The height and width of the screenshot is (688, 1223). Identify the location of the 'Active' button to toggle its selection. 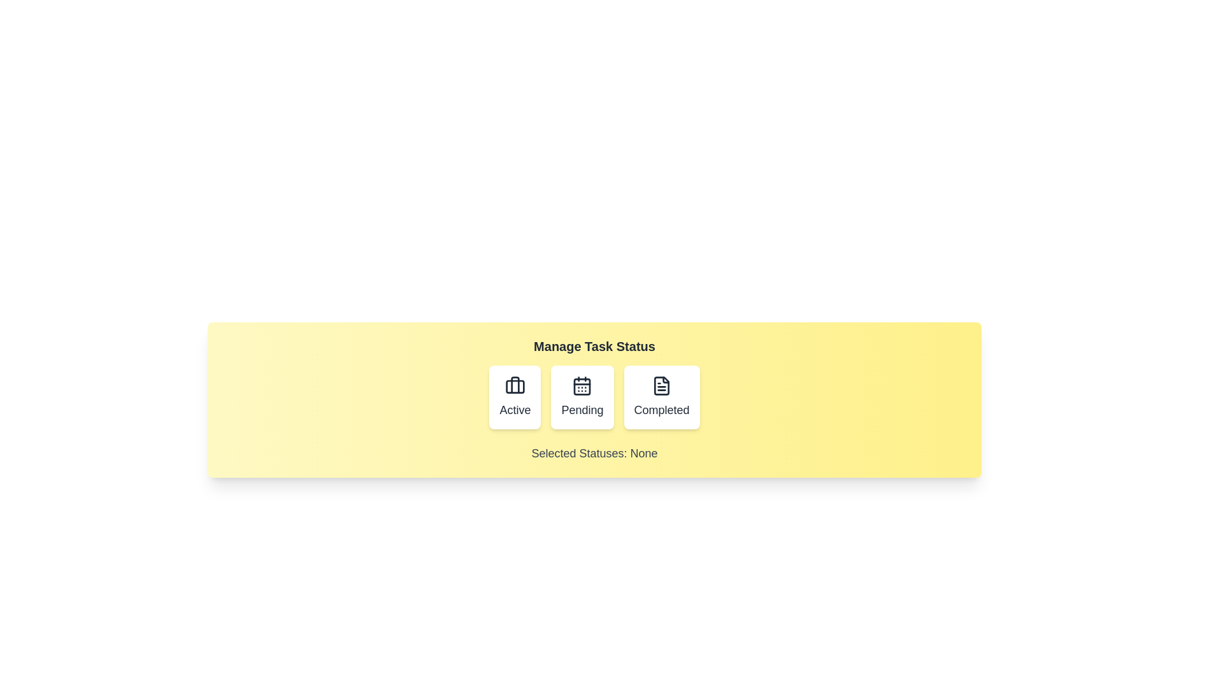
(515, 397).